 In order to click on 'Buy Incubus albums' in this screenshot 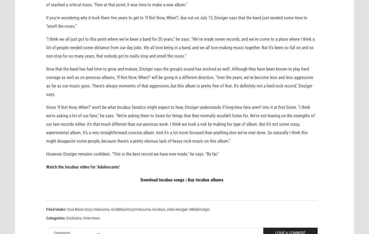, I will do `click(205, 188)`.